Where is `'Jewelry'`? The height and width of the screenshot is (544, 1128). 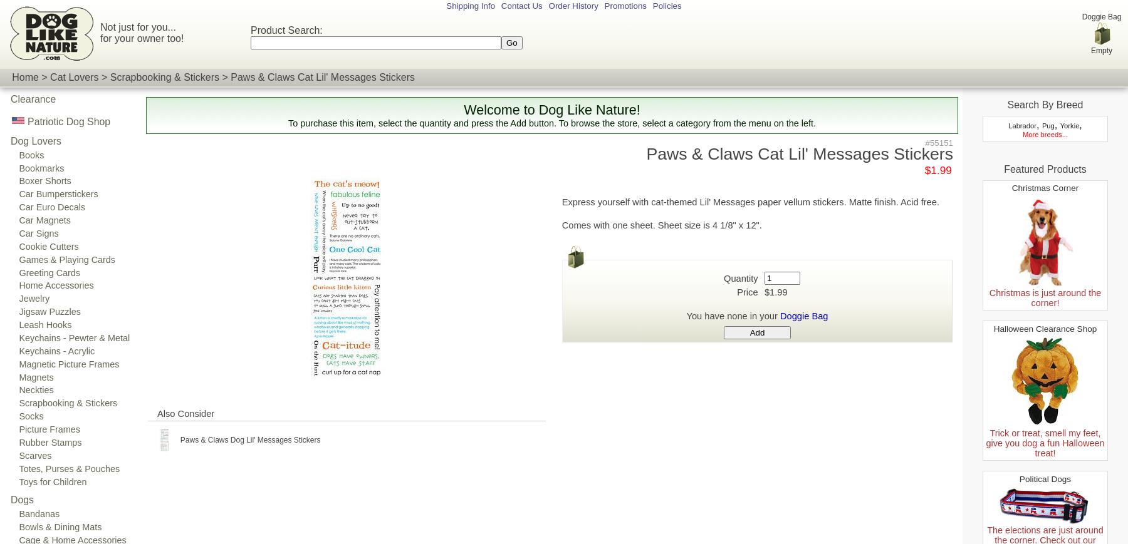
'Jewelry' is located at coordinates (18, 298).